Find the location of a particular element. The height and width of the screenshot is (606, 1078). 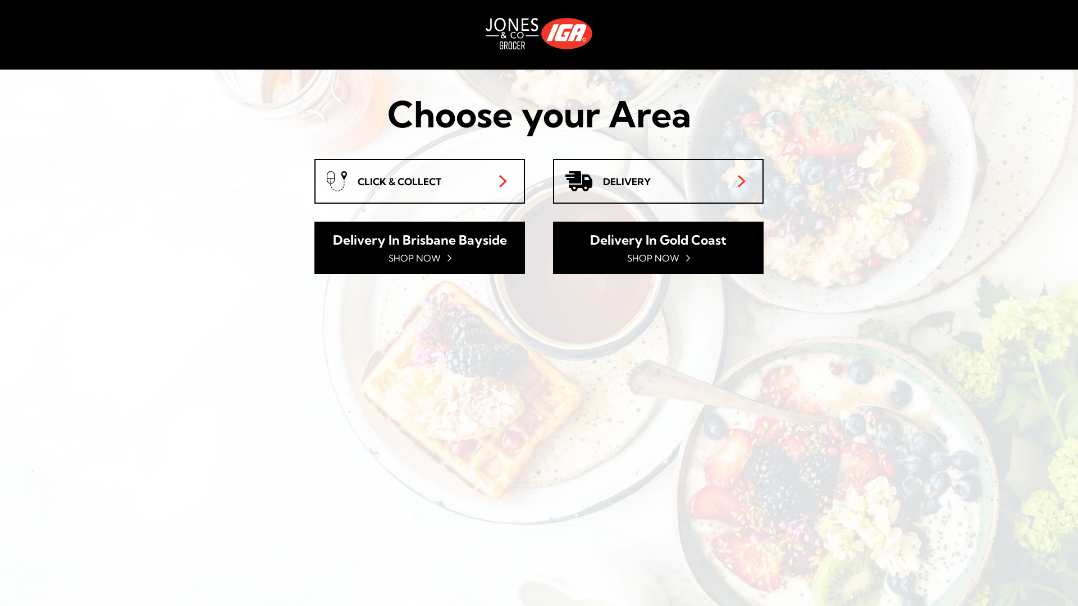

'DELIVERY' is located at coordinates (658, 181).